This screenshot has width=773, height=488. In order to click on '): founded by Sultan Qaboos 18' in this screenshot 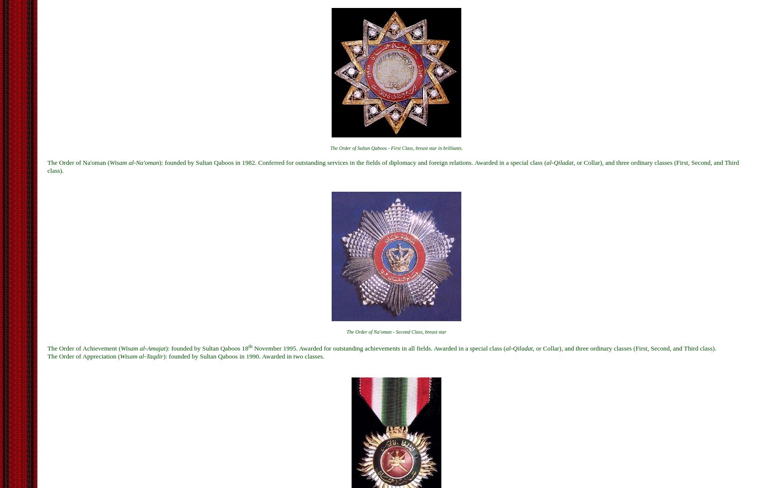, I will do `click(206, 348)`.